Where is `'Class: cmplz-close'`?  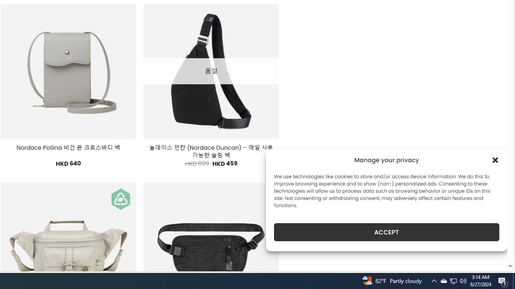 'Class: cmplz-close' is located at coordinates (495, 160).